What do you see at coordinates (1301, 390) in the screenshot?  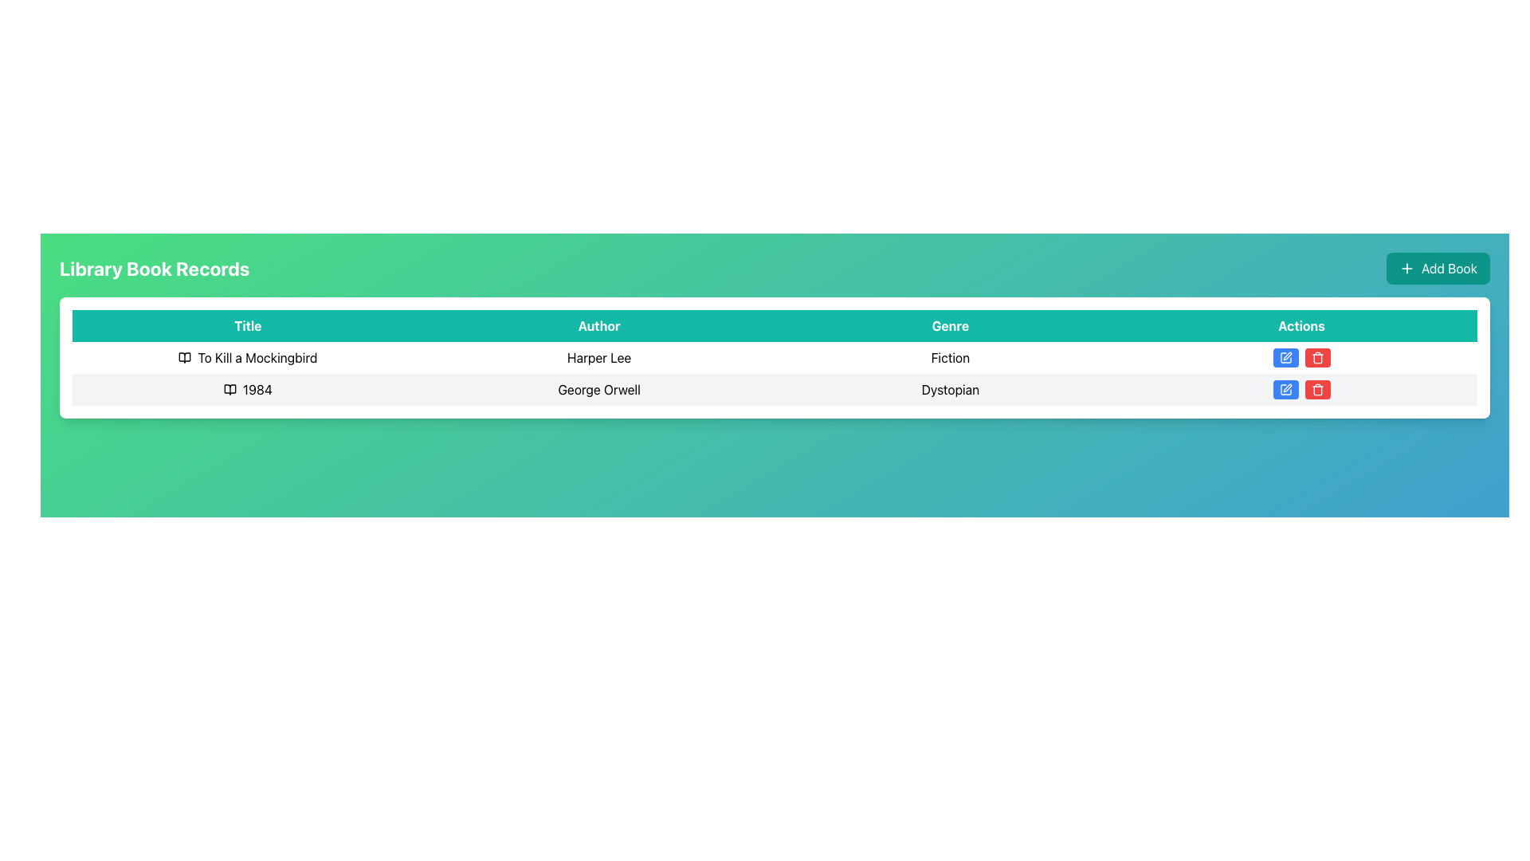 I see `the action buttons in the 'Actions' column of the second row` at bounding box center [1301, 390].